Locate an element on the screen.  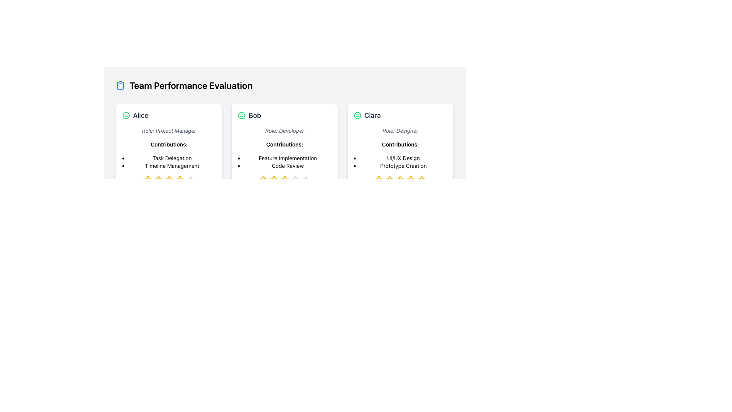
the active yellow star icon, which is the fourth star in the row of five stars under the 'Alice' card in the 'Team Performance Evaluation' section is located at coordinates (169, 180).